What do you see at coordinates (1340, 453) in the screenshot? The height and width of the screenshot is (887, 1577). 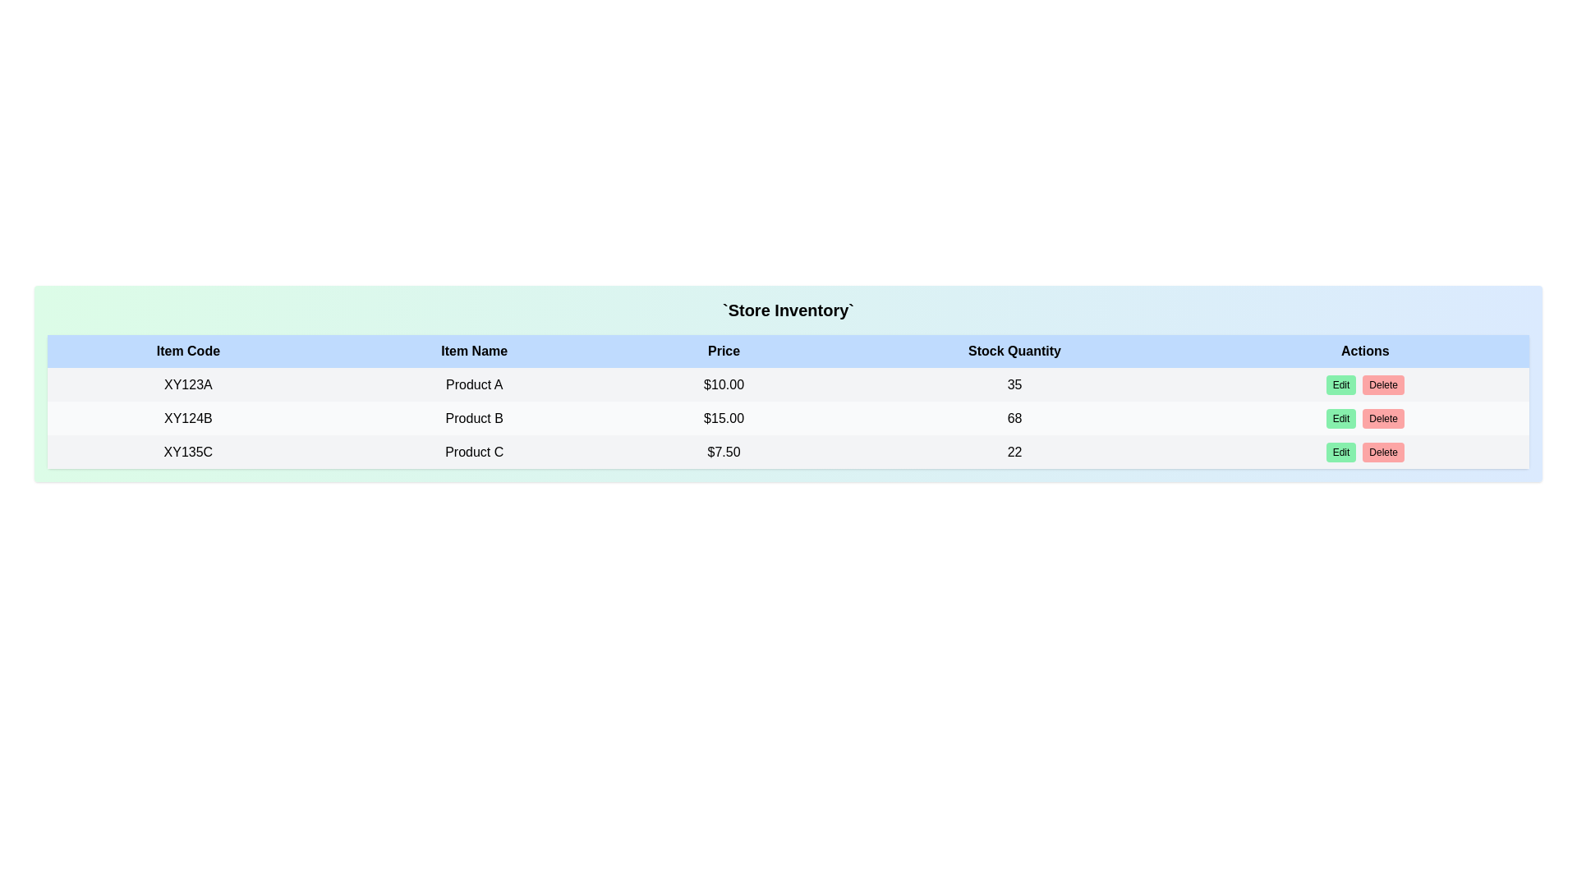 I see `the edit button located in the 'Actions' column of the bottom row of the table, which is directly to the left of the 'Delete' button` at bounding box center [1340, 453].